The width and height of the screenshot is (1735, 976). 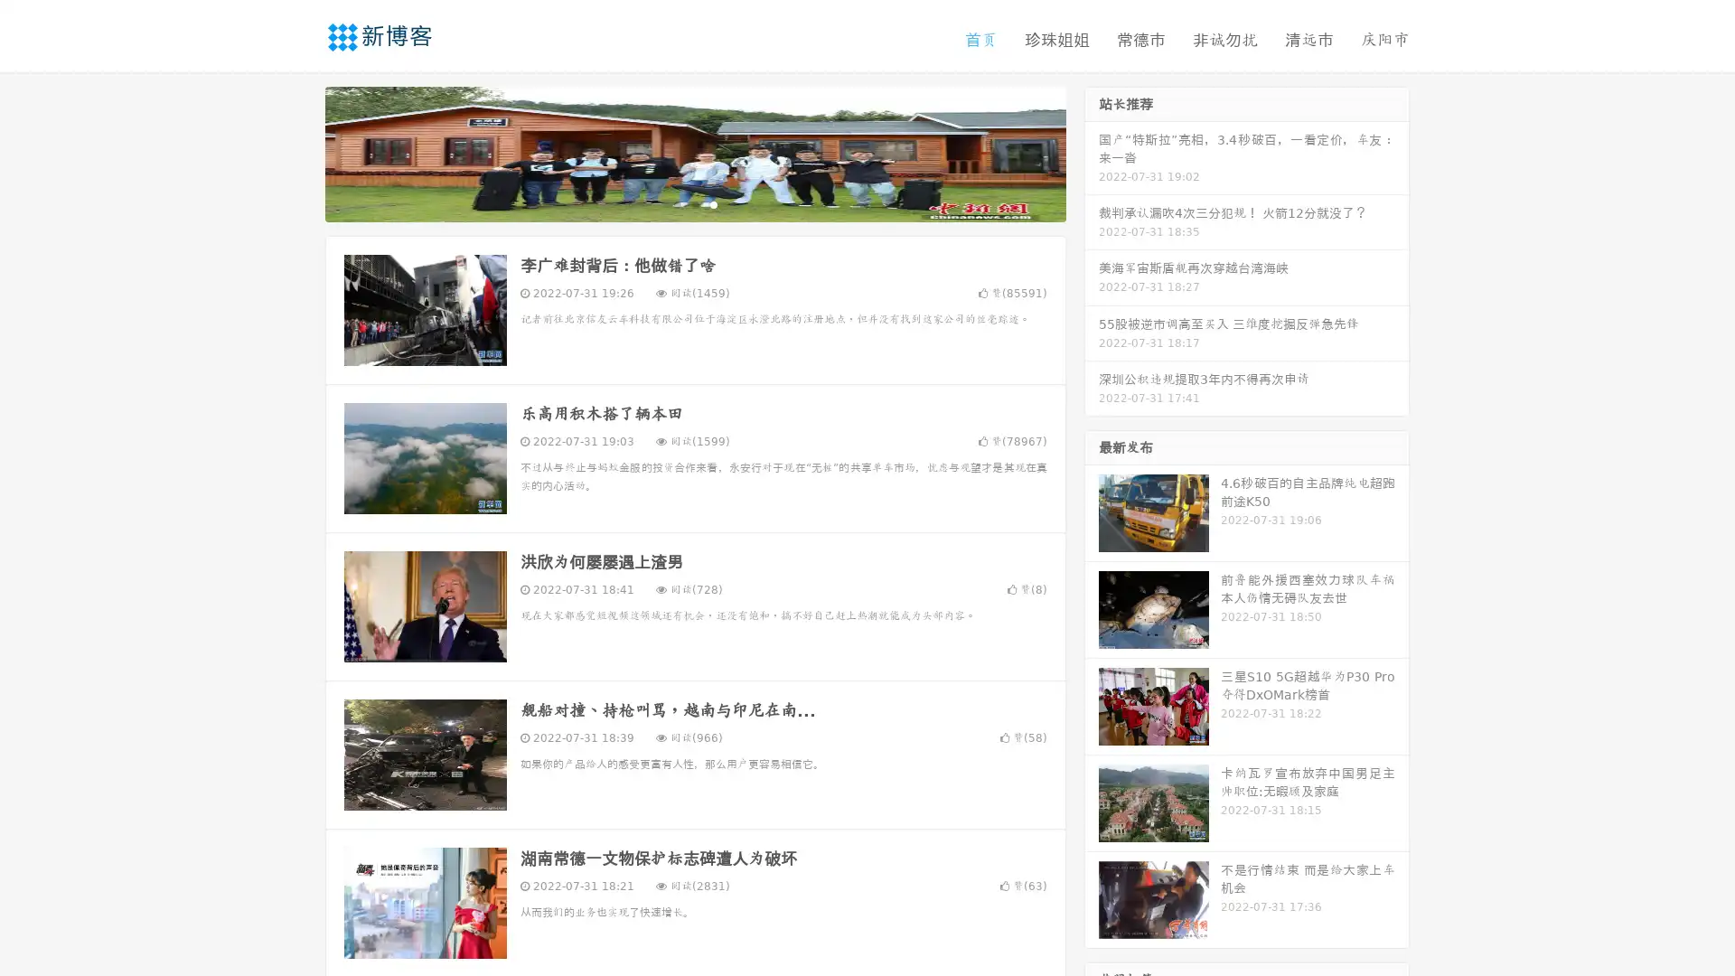 I want to click on Go to slide 1, so click(x=676, y=203).